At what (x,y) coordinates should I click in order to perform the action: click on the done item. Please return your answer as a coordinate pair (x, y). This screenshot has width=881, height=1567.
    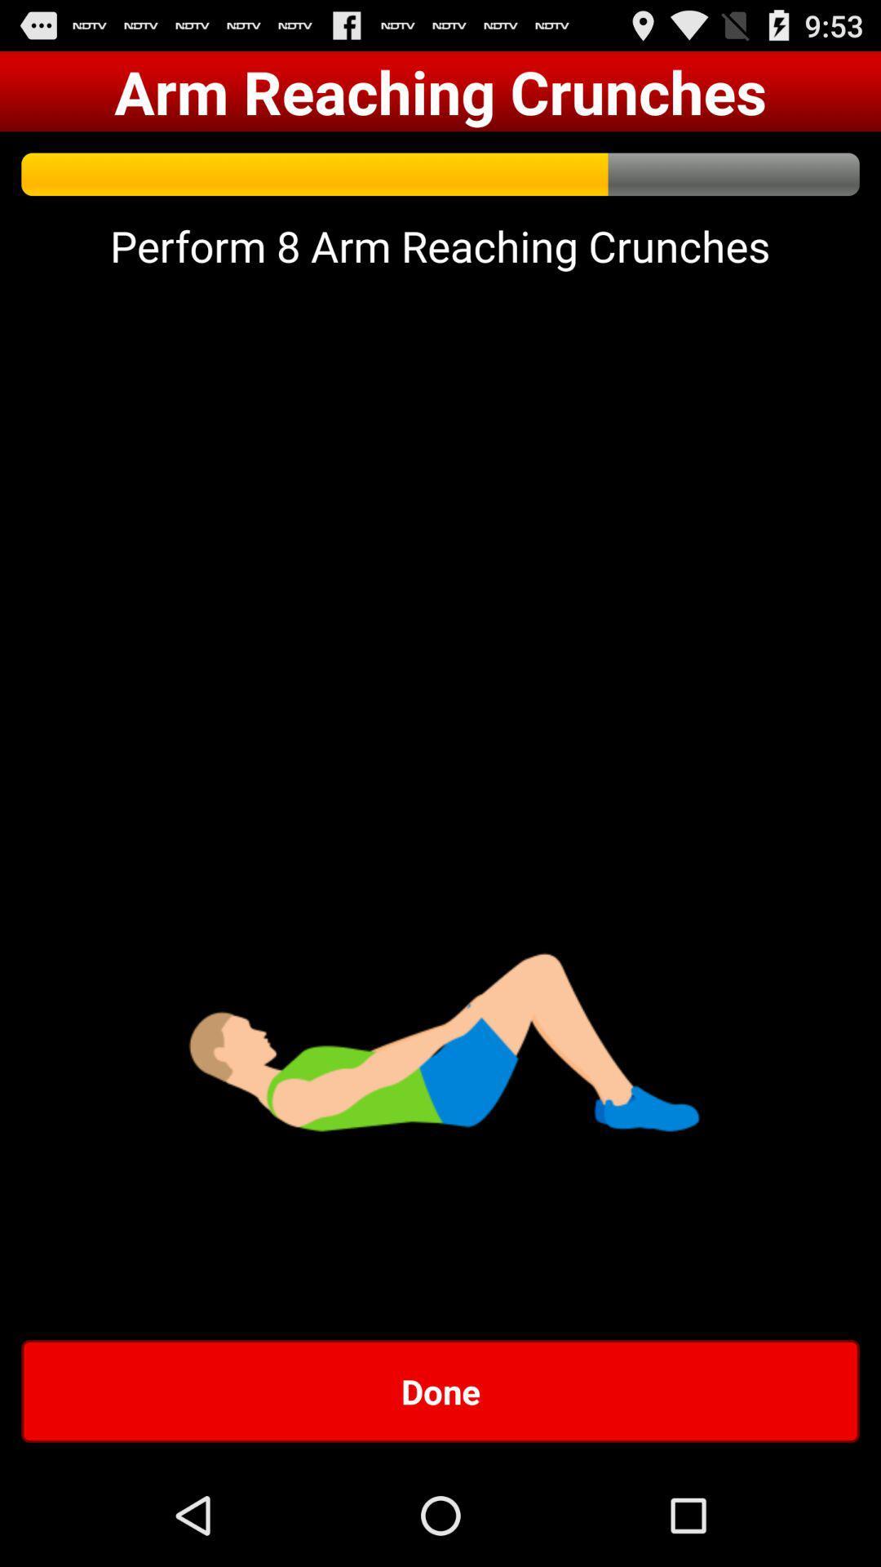
    Looking at the image, I should click on (440, 1390).